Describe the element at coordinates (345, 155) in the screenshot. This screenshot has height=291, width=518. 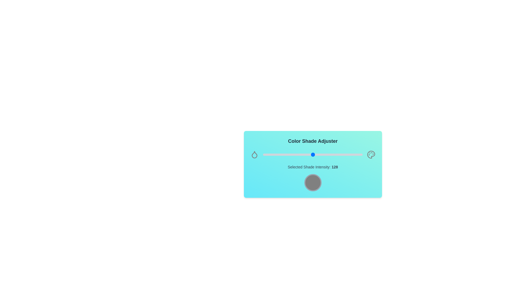
I see `the shade intensity slider to 211 value` at that location.